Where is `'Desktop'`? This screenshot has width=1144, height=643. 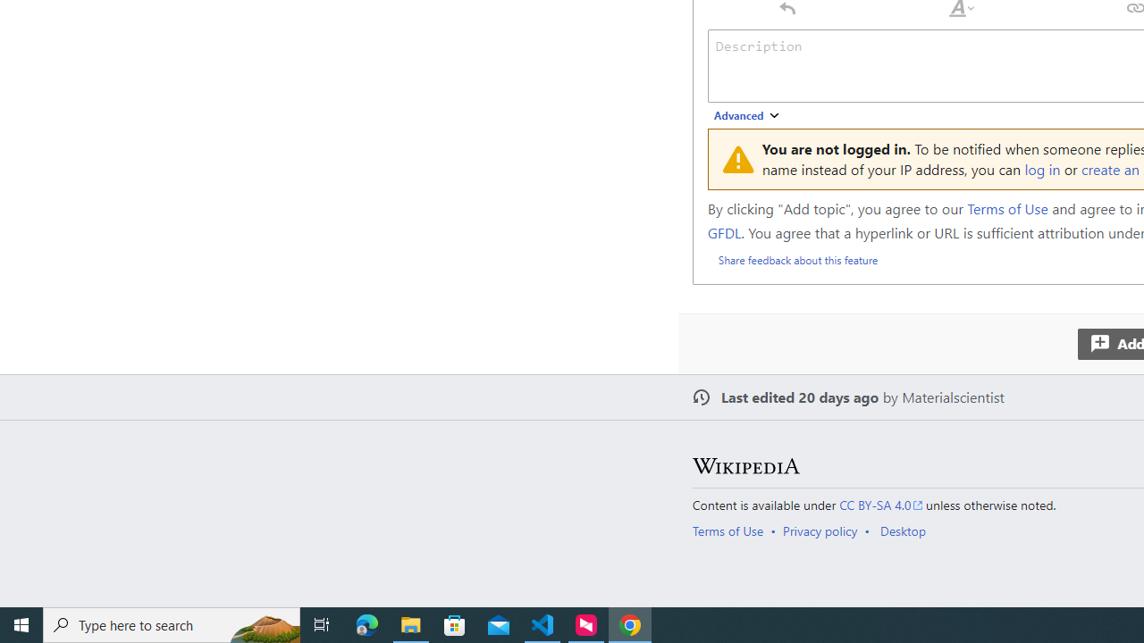 'Desktop' is located at coordinates (903, 530).